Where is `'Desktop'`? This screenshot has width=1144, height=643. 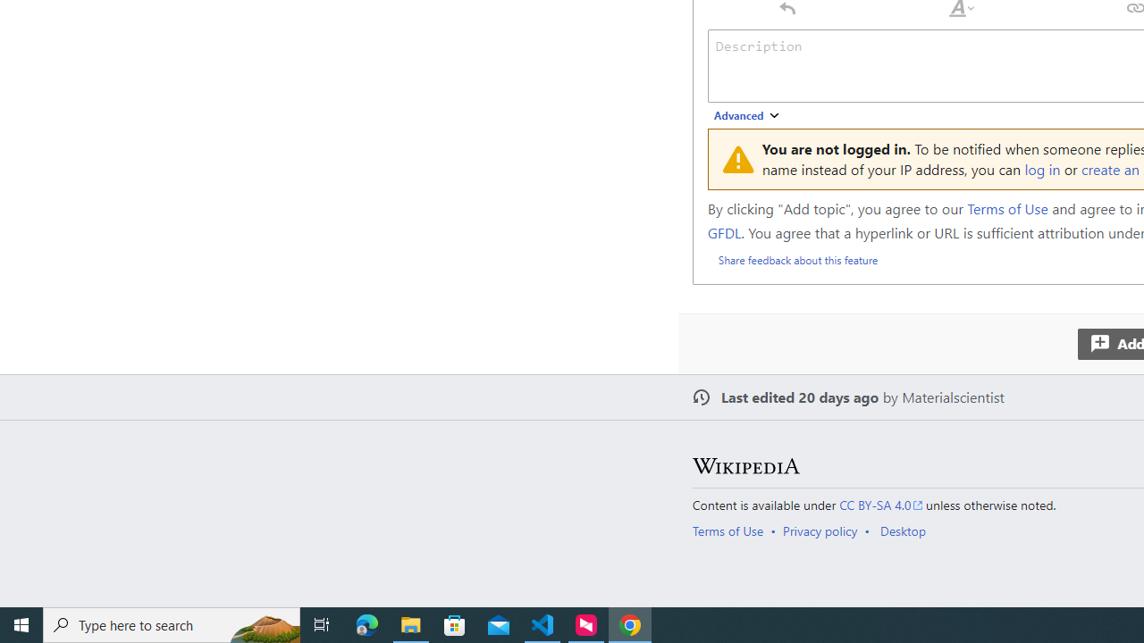 'Desktop' is located at coordinates (903, 530).